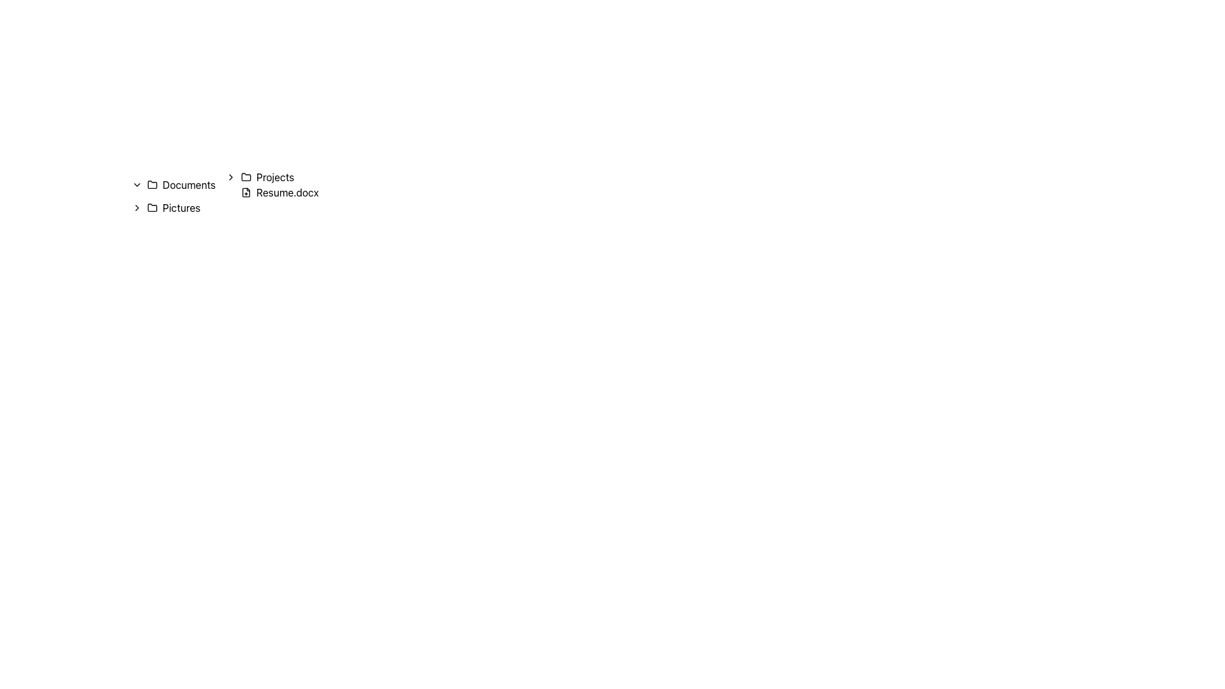 The width and height of the screenshot is (1225, 689). I want to click on the chevron icon, so click(137, 184).